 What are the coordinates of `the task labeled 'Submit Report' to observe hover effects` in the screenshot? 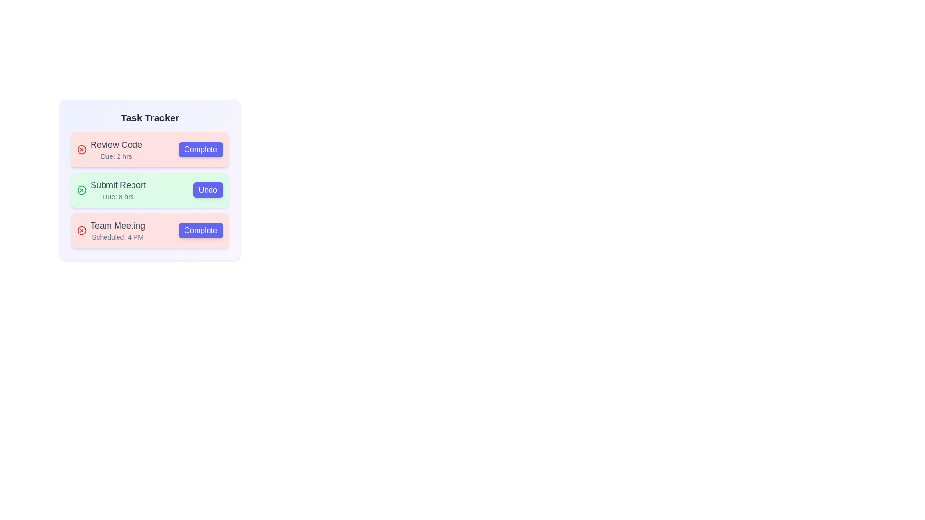 It's located at (149, 190).